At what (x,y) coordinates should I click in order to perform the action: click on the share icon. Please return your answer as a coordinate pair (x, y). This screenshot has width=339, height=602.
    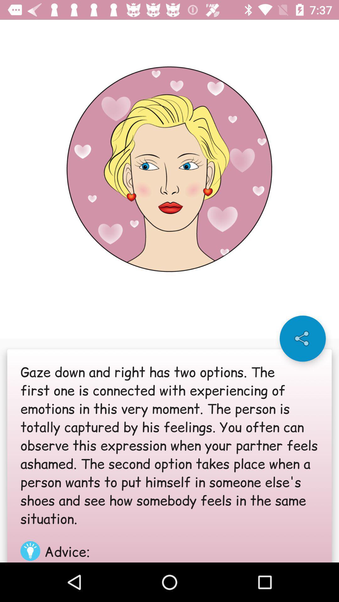
    Looking at the image, I should click on (302, 338).